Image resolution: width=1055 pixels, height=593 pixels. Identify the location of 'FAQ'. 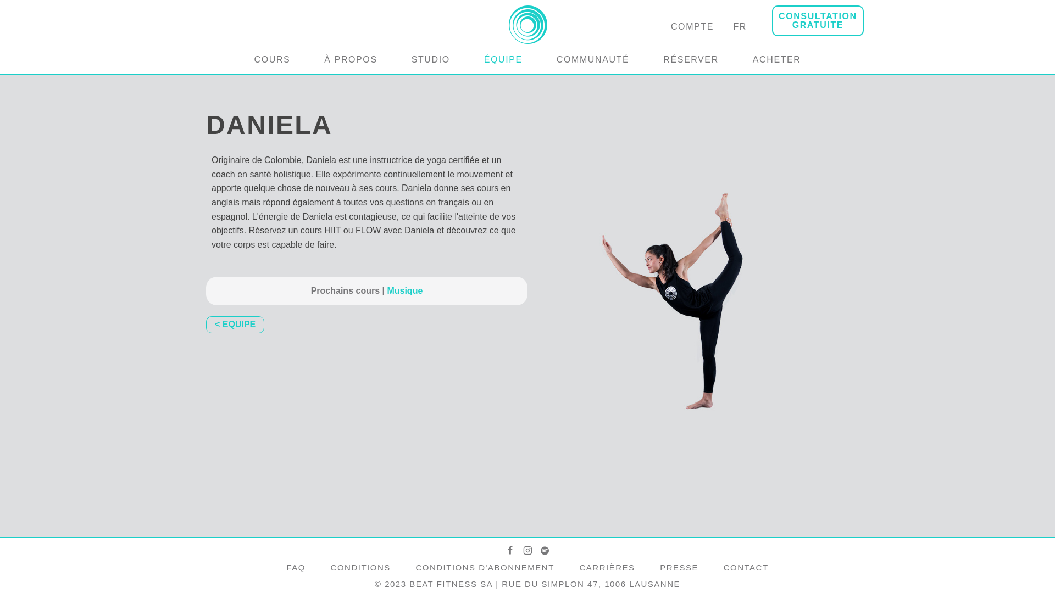
(296, 567).